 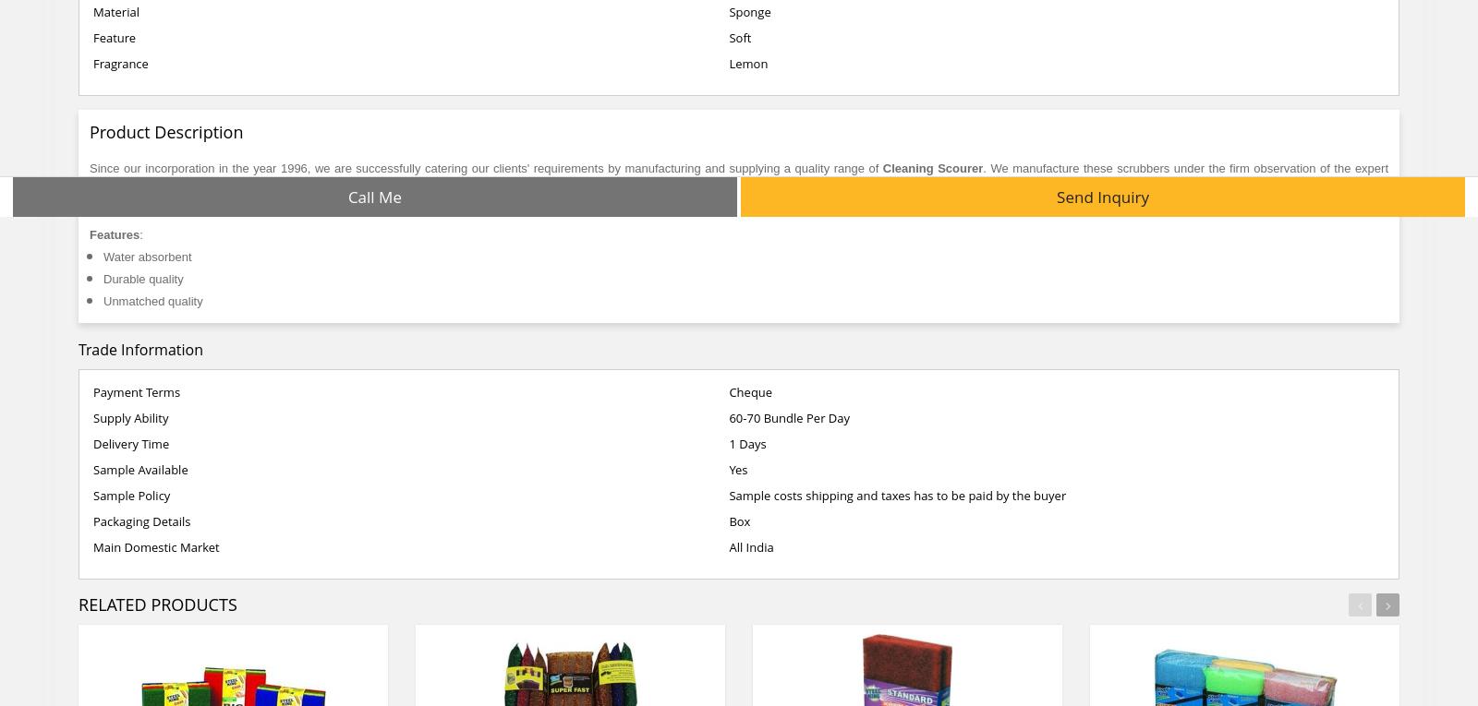 I want to click on 'Box', so click(x=739, y=521).